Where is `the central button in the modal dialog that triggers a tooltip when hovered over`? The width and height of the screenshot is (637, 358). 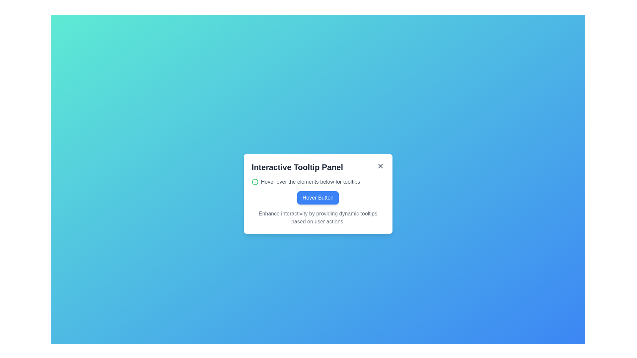
the central button in the modal dialog that triggers a tooltip when hovered over is located at coordinates (318, 198).